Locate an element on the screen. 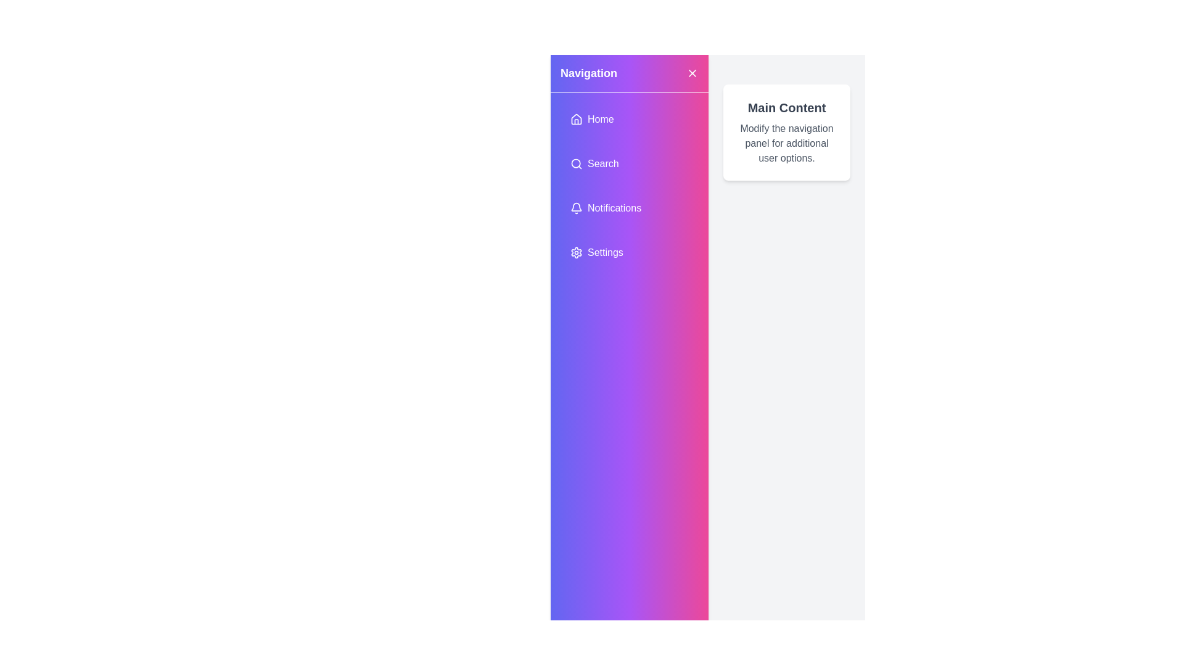 The image size is (1184, 666). the 'Home' text label, which is displayed in white font on a purple background and is the first option in the navigation sidebar, to interact with it is located at coordinates (601, 119).